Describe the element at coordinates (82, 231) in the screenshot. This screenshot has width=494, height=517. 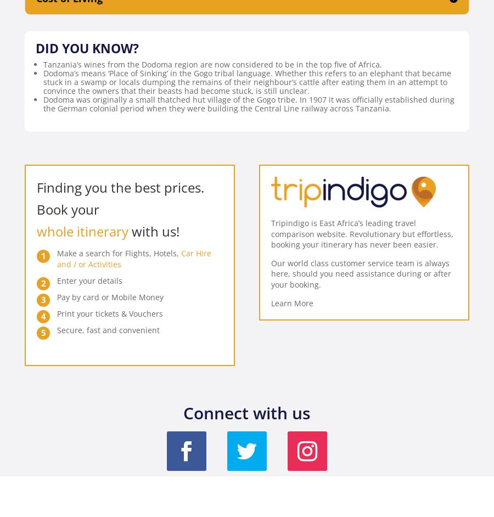
I see `'whole itinerary'` at that location.